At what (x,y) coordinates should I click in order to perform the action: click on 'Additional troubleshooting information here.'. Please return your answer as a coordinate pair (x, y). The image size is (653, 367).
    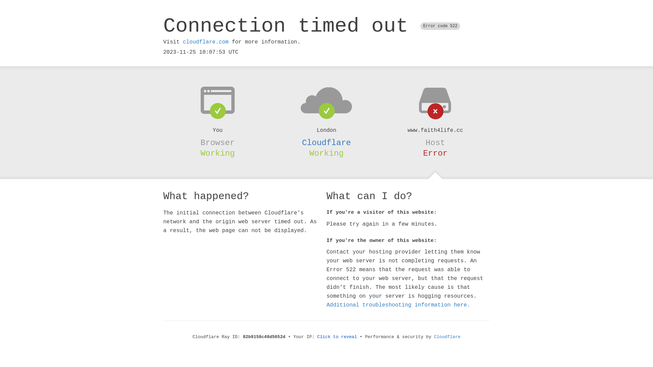
    Looking at the image, I should click on (398, 305).